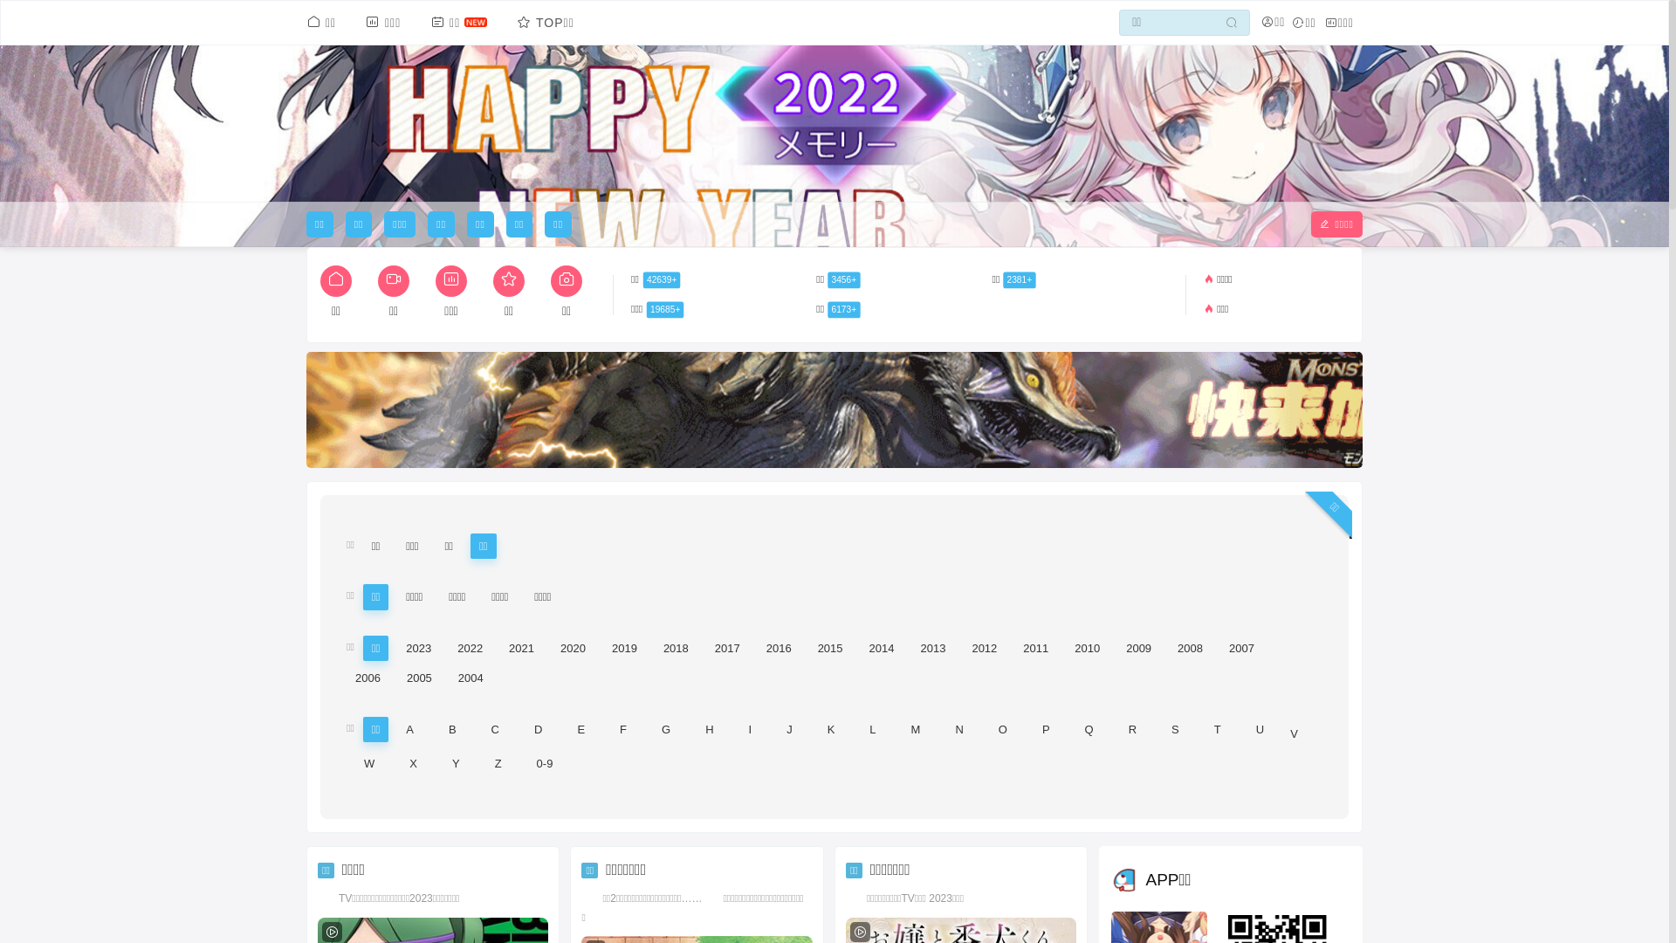 The height and width of the screenshot is (943, 1676). Describe the element at coordinates (778, 648) in the screenshot. I see `'2016'` at that location.